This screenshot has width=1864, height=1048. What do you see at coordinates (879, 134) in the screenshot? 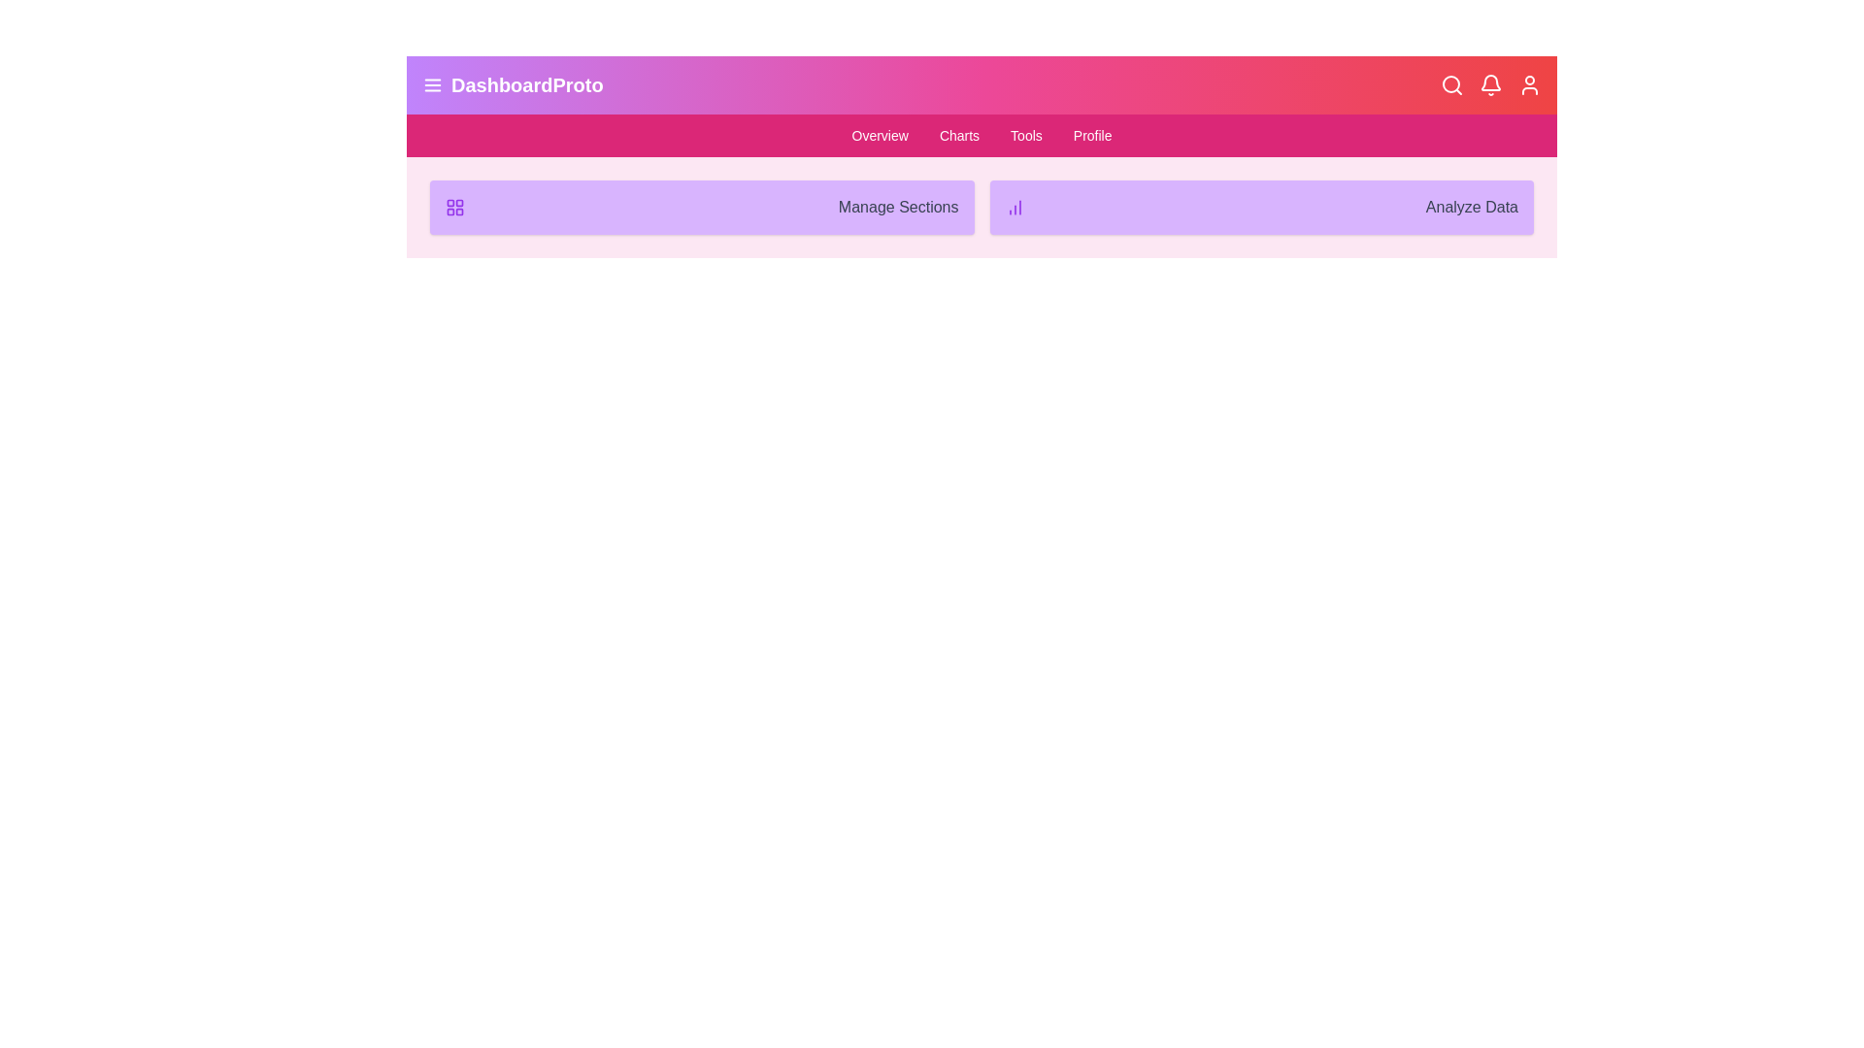
I see `the text element 'Overview' to inspect its layout` at bounding box center [879, 134].